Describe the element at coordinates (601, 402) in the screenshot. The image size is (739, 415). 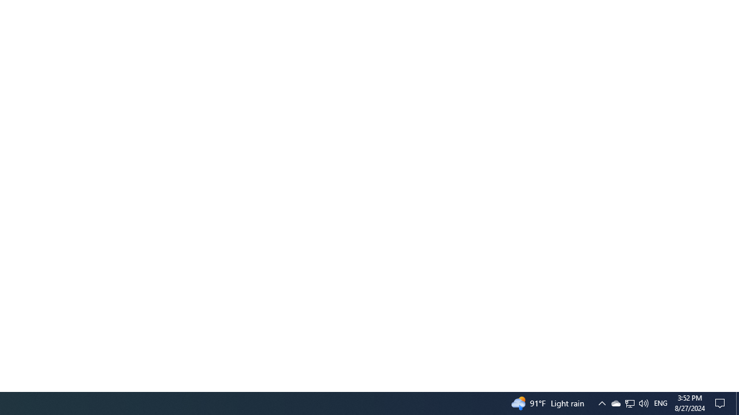
I see `'User Promoted Notification Area'` at that location.